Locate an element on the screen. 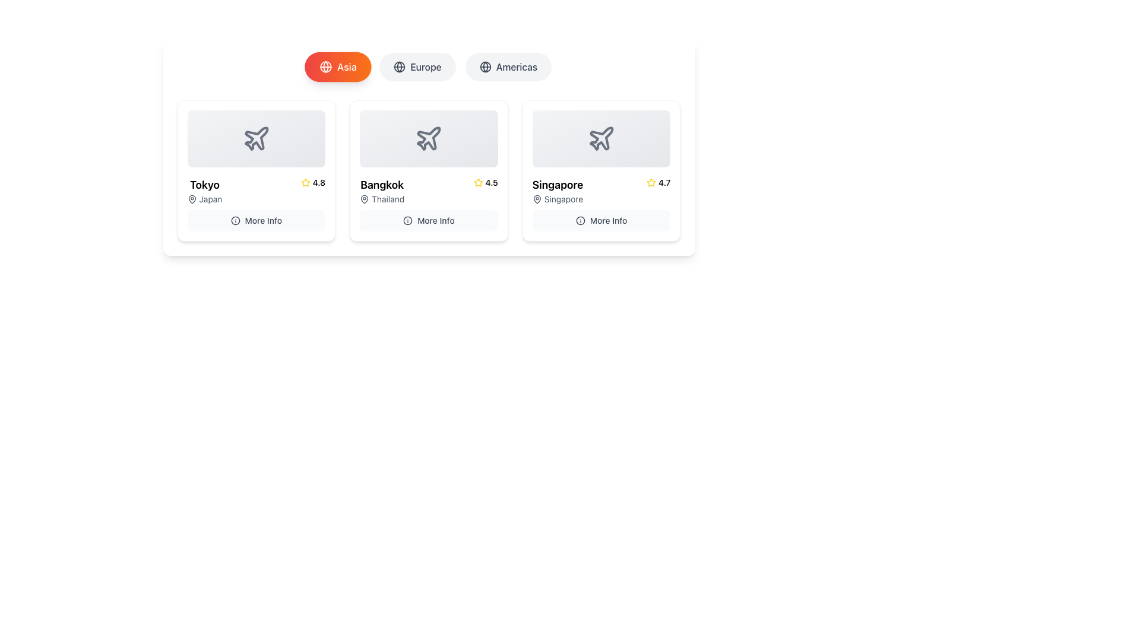 Image resolution: width=1140 pixels, height=641 pixels. the 'More Info' button on the Informational card displaying 'Bangkok', which is the second card in a list of three cards is located at coordinates (428, 171).